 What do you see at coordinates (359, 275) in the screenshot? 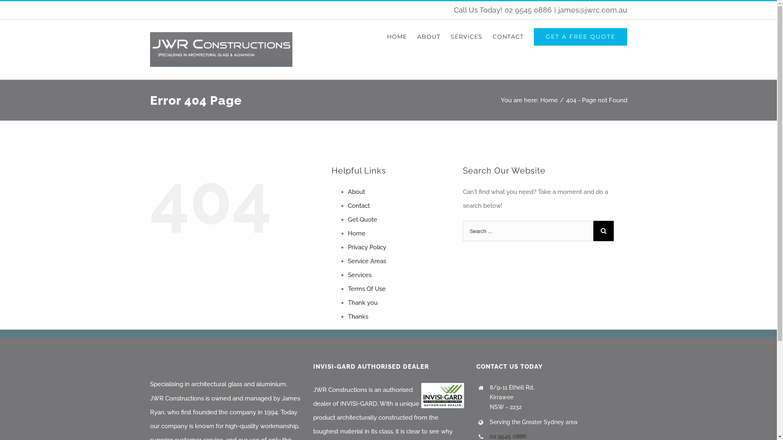
I see `'Services'` at bounding box center [359, 275].